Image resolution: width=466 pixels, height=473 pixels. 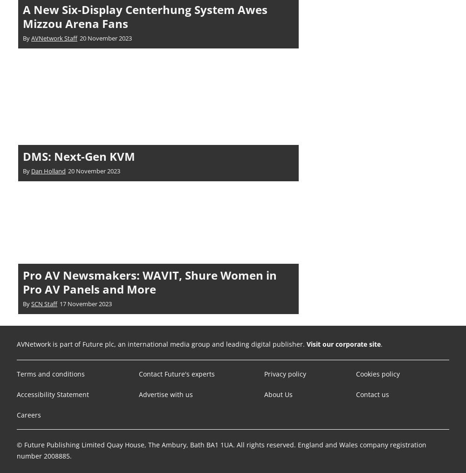 I want to click on 'About Us', so click(x=278, y=394).